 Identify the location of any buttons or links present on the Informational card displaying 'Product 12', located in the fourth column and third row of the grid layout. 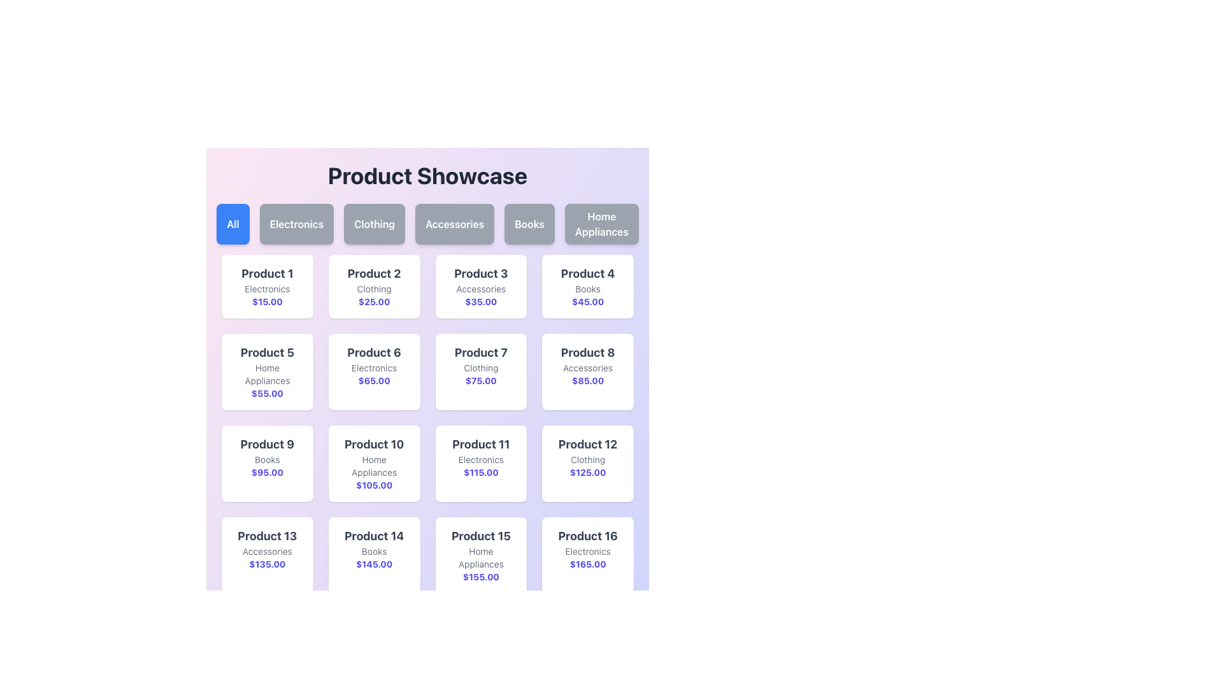
(587, 464).